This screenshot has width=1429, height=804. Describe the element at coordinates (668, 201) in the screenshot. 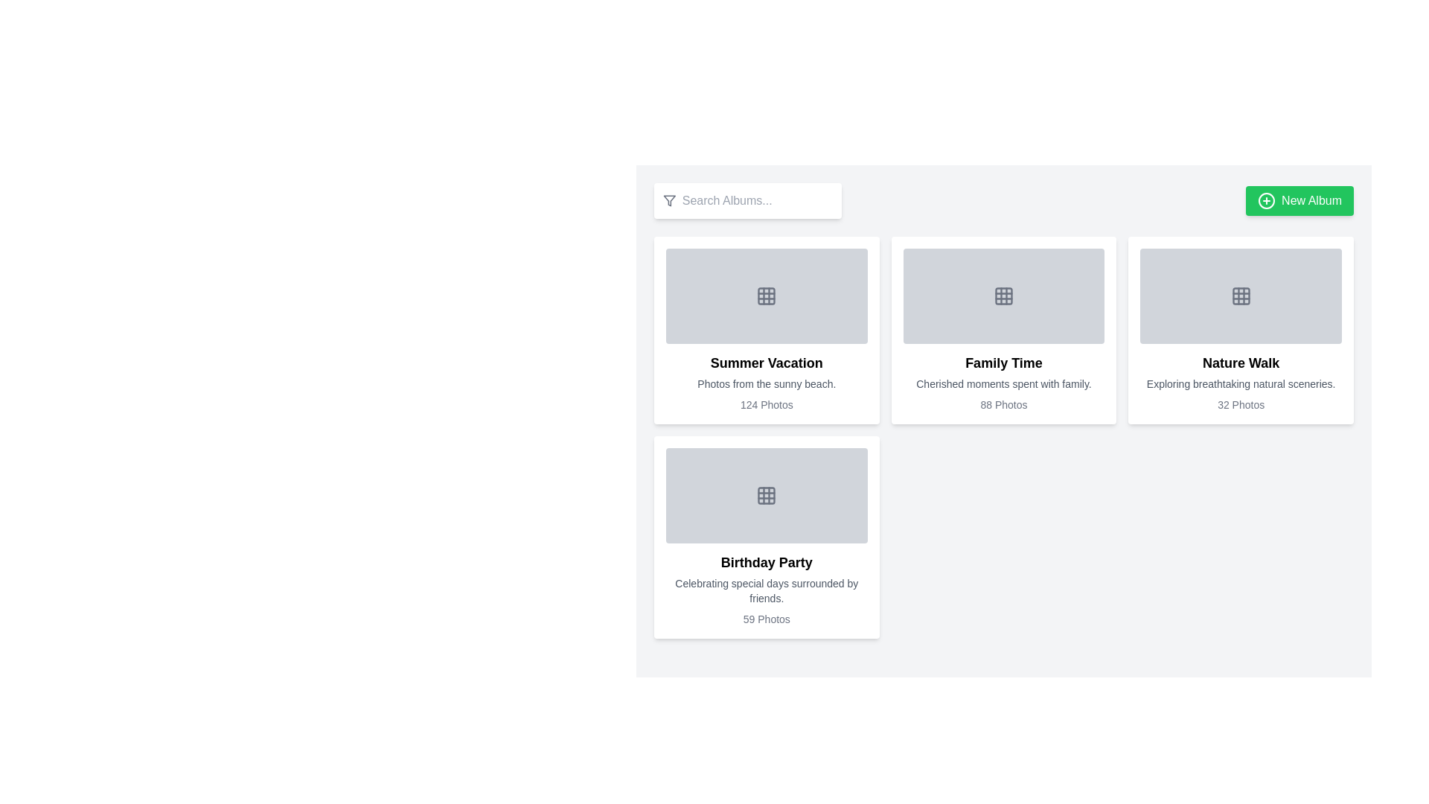

I see `the filter icon, which is a triangle funnel styled element located to the left of the 'Search Albums...' input field` at that location.